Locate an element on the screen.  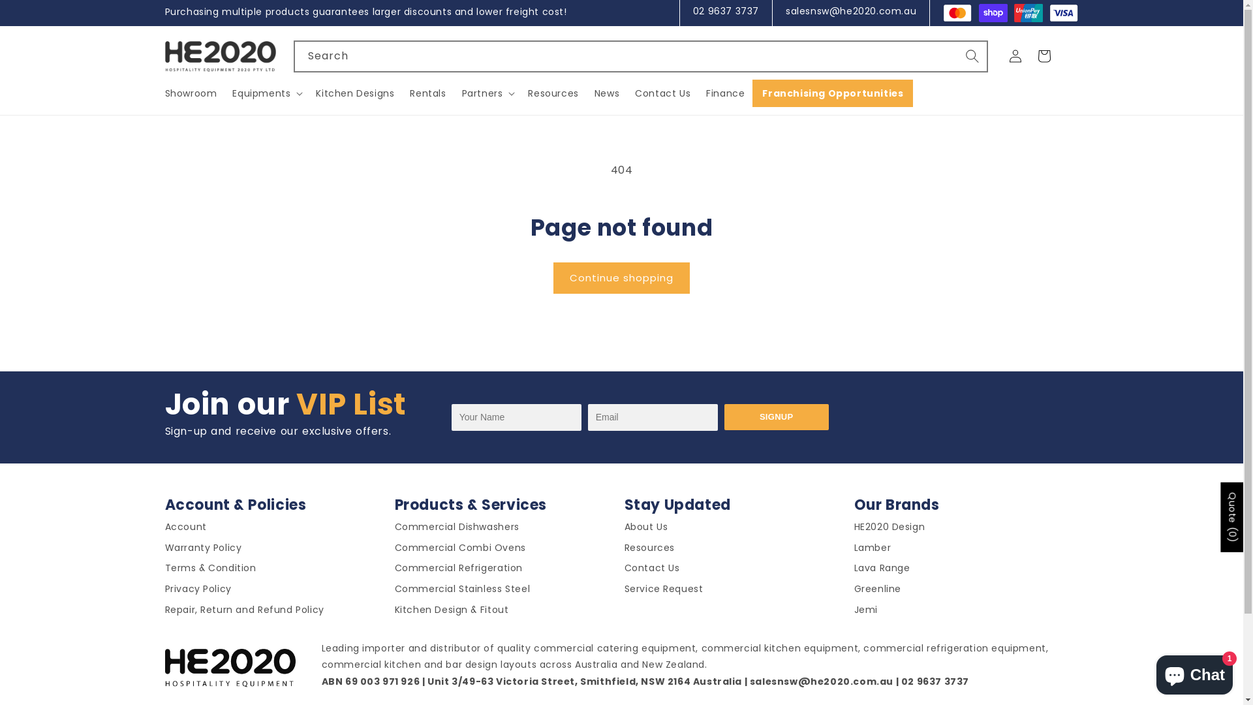
'Terms & Condition' is located at coordinates (164, 570).